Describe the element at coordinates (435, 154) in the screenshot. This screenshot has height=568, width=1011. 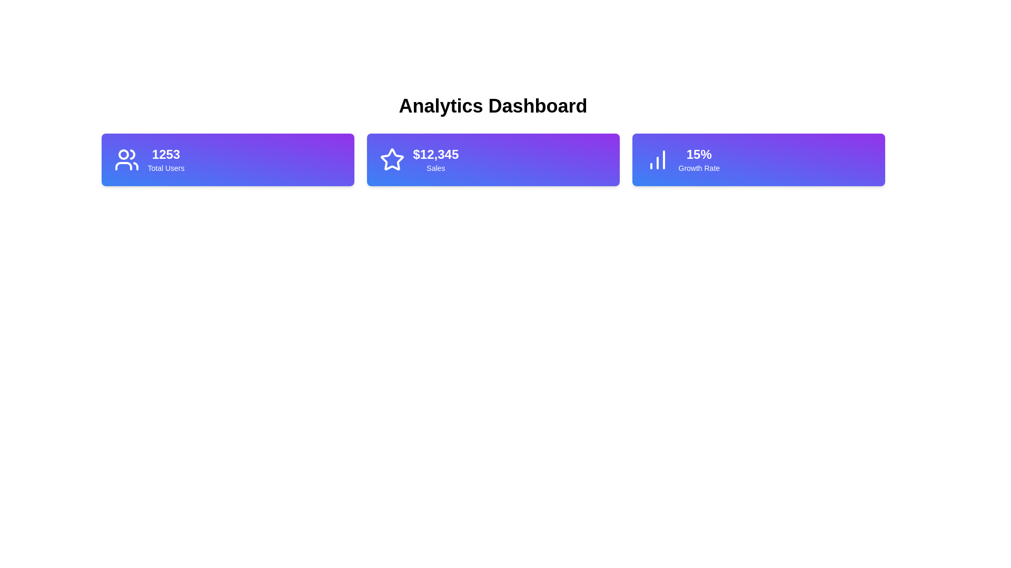
I see `the static text display showing the amount '$12,345' in bold, large font, which is prominently positioned under a star icon and above the smaller text 'Sales'` at that location.